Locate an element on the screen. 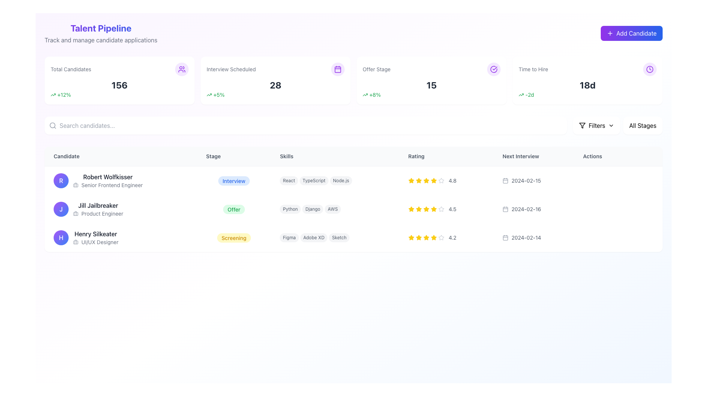 The width and height of the screenshot is (720, 405). the third skill label in the 'Skills' column of the second row, which indicates a skill or keyword associated with the entry, following 'Python' and 'Django' is located at coordinates (332, 209).